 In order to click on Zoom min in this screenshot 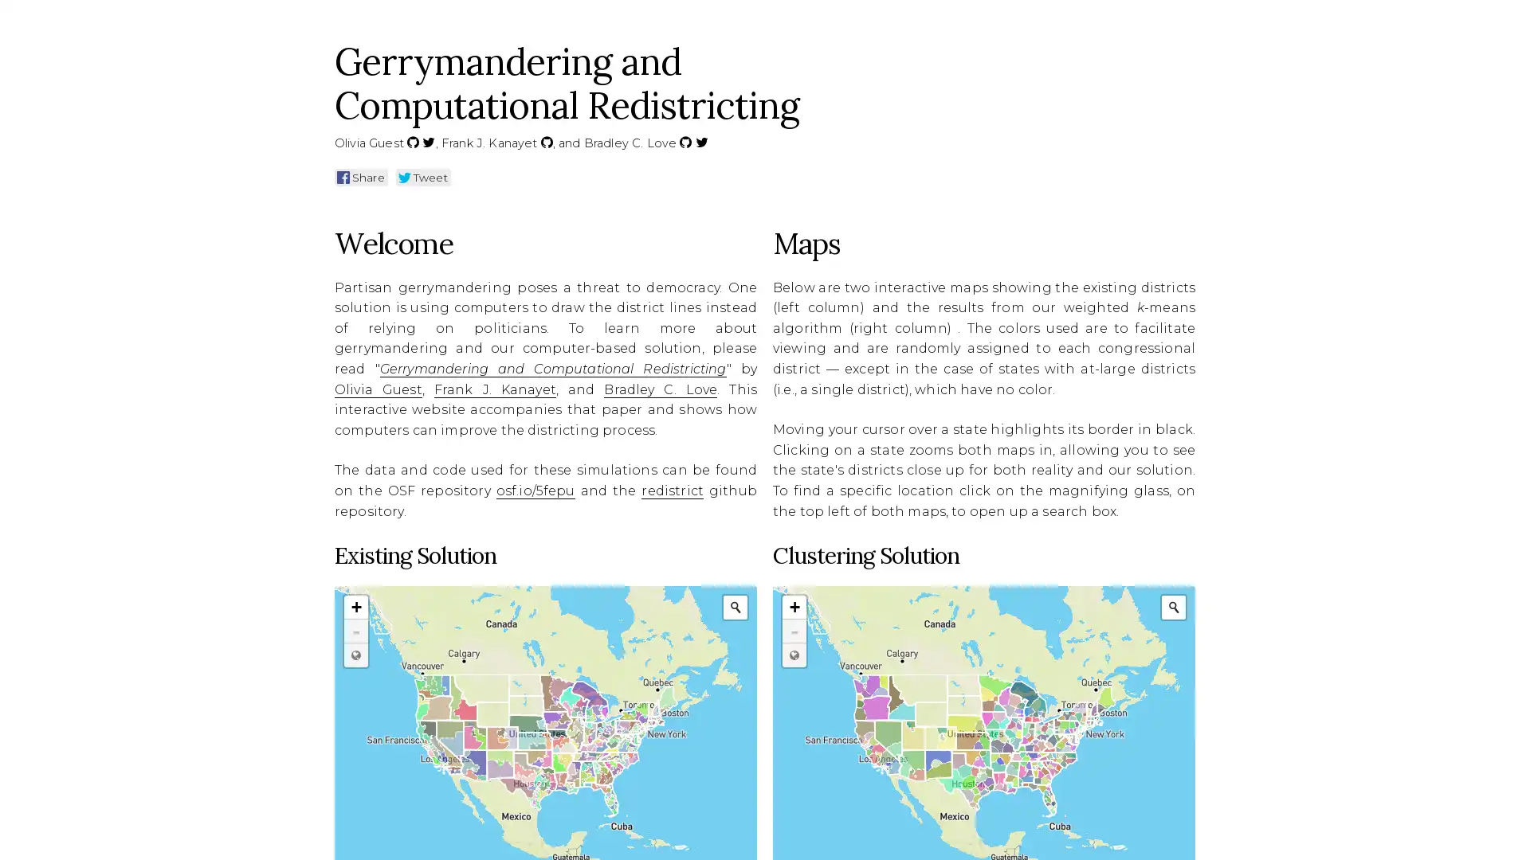, I will do `click(794, 655)`.